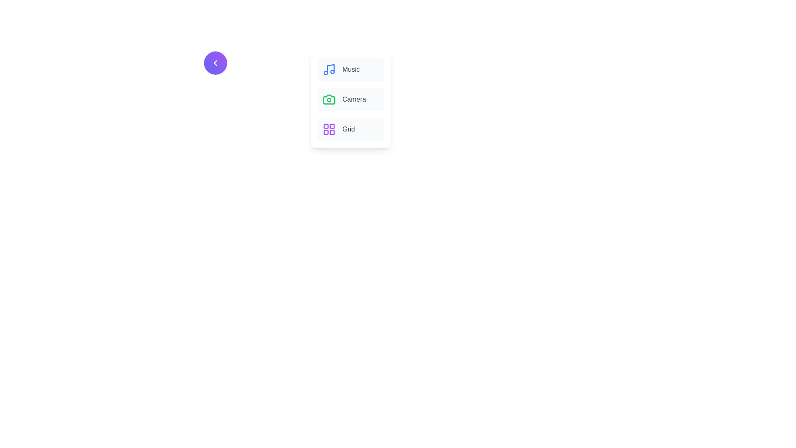 The image size is (796, 448). Describe the element at coordinates (350, 69) in the screenshot. I see `the menu item labeled Music to see its hover effect` at that location.